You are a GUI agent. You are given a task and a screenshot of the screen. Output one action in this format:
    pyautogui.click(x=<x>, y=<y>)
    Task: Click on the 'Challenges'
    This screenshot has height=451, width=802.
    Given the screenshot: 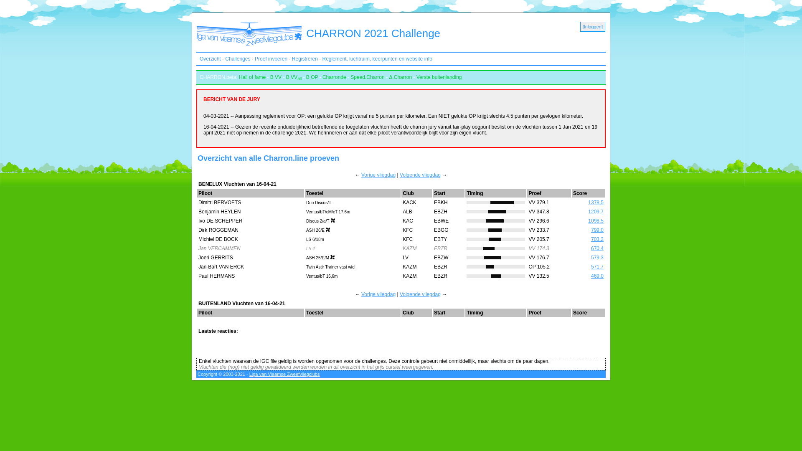 What is the action you would take?
    pyautogui.click(x=237, y=58)
    